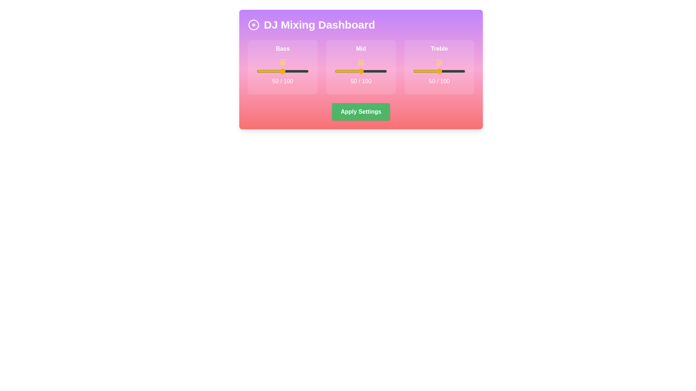 The width and height of the screenshot is (696, 391). What do you see at coordinates (344, 71) in the screenshot?
I see `the mid slider to set its value to 19` at bounding box center [344, 71].